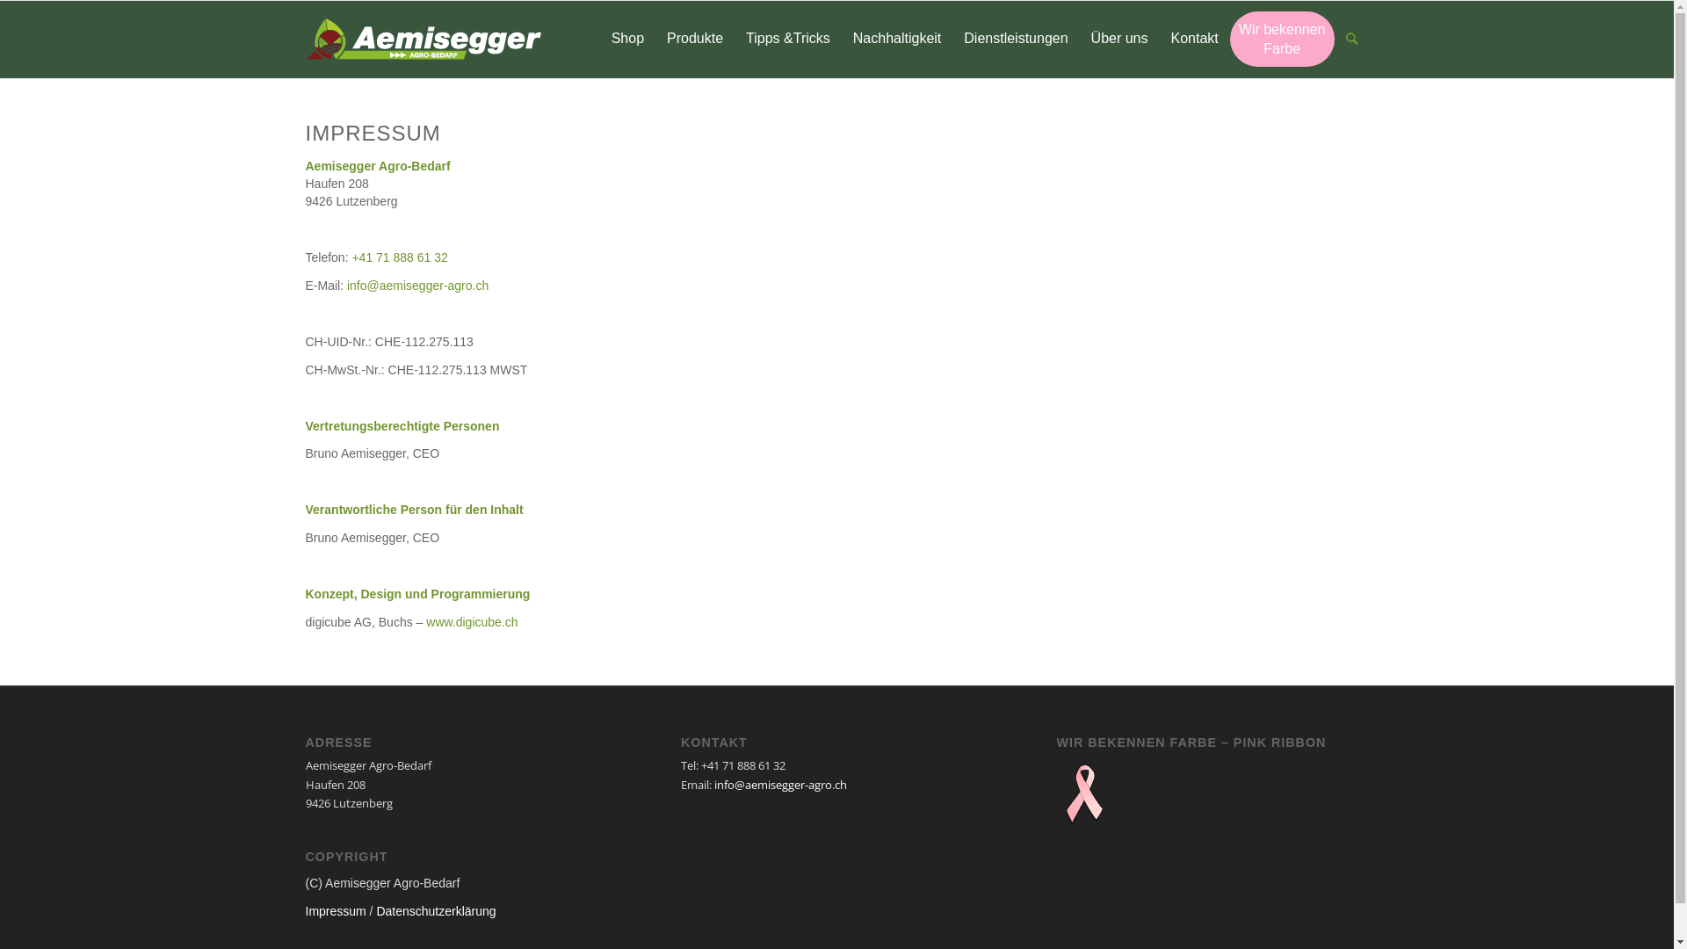 This screenshot has height=949, width=1687. What do you see at coordinates (1016, 40) in the screenshot?
I see `'Dienstleistungen'` at bounding box center [1016, 40].